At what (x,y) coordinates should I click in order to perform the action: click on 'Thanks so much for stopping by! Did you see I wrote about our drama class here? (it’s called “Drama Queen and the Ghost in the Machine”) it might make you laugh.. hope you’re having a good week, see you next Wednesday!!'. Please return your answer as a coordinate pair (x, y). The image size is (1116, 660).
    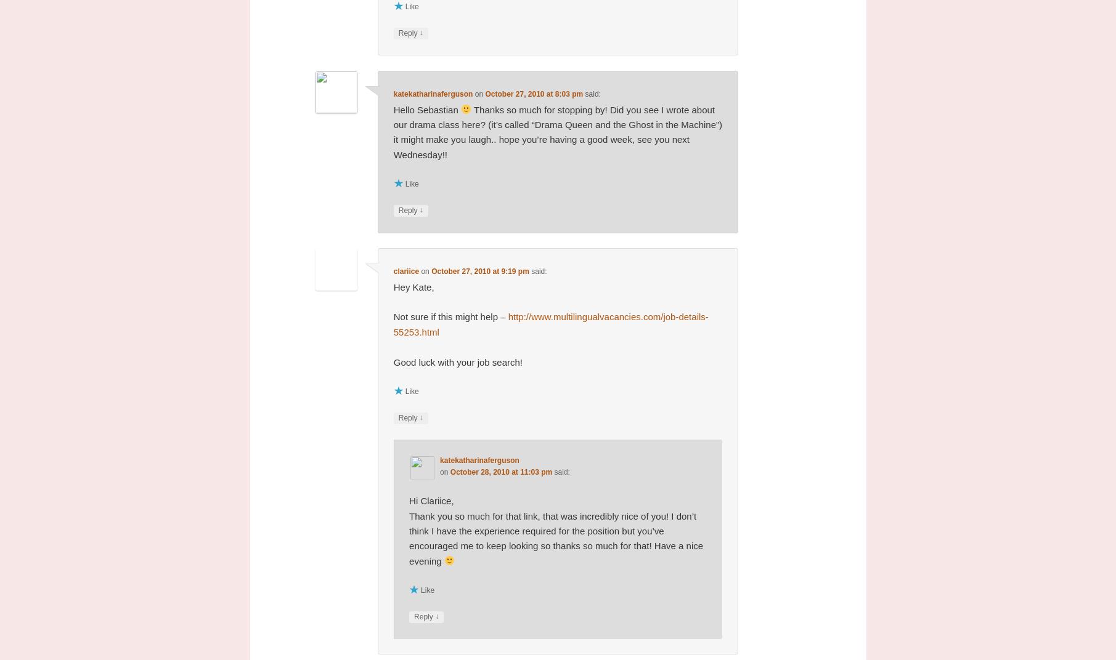
    Looking at the image, I should click on (393, 131).